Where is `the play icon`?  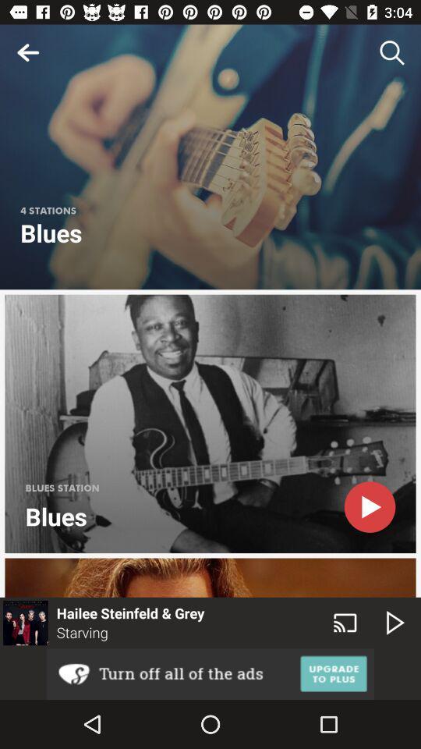 the play icon is located at coordinates (395, 623).